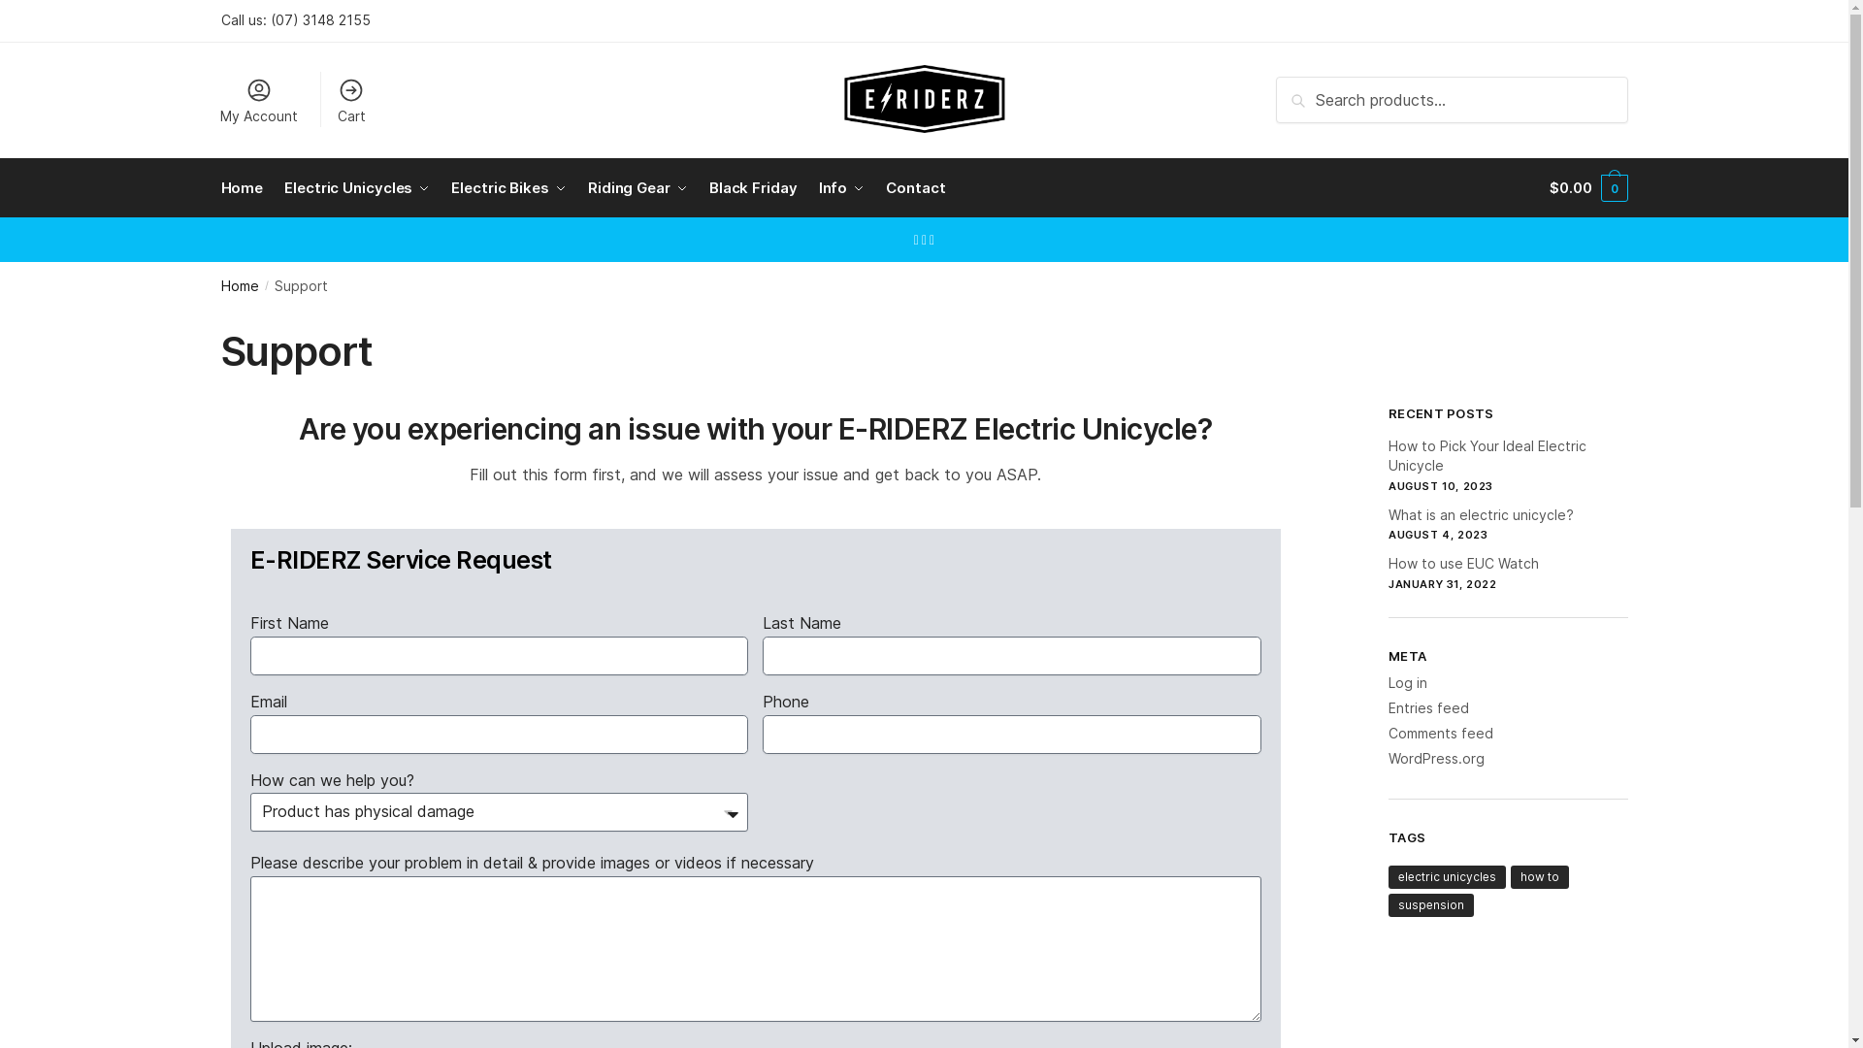 The width and height of the screenshot is (1863, 1048). I want to click on 'suspension', so click(1430, 905).